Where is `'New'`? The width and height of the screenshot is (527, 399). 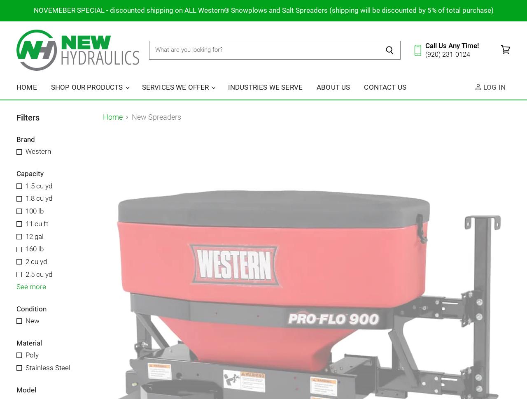
'New' is located at coordinates (25, 320).